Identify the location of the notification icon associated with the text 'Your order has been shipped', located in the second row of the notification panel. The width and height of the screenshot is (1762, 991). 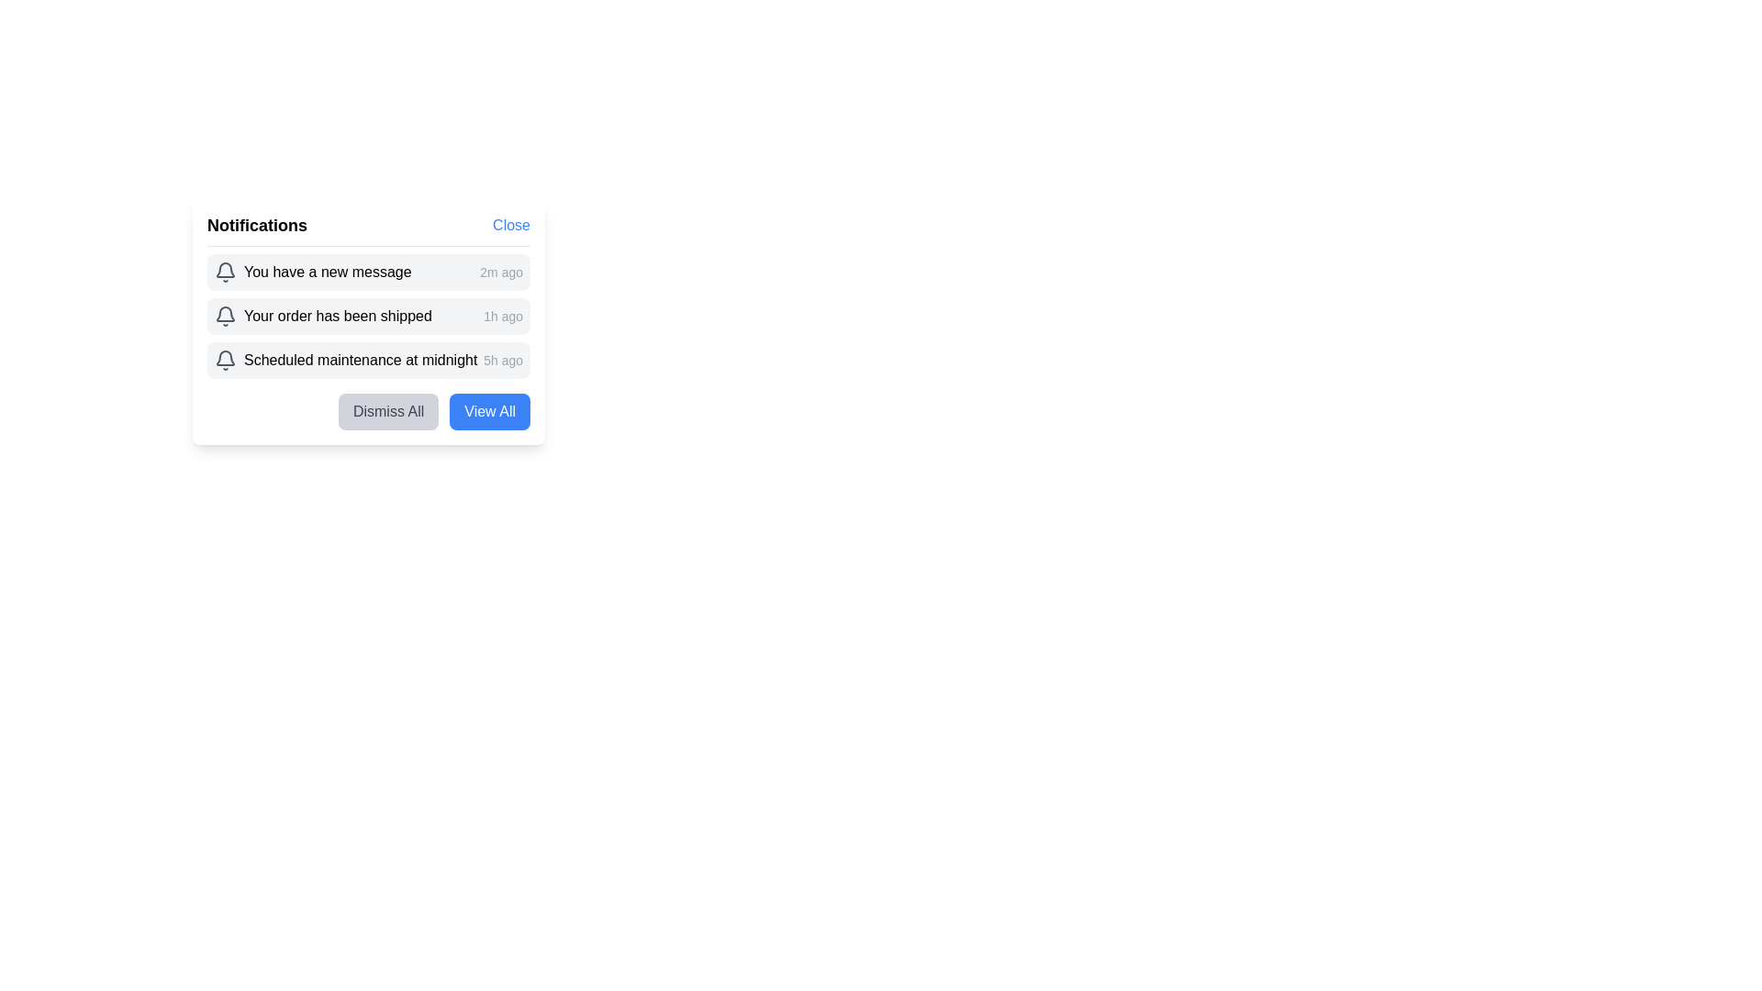
(224, 315).